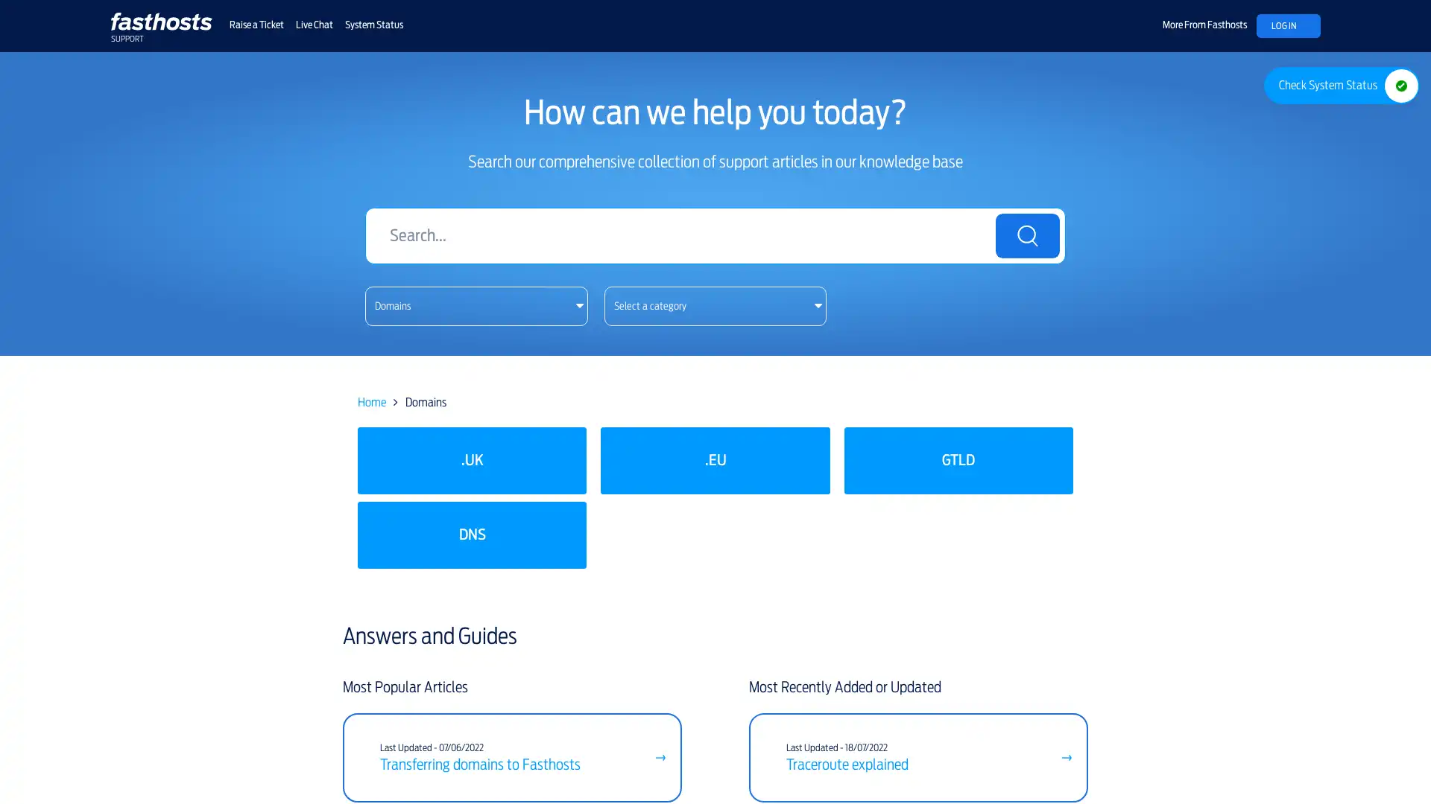  Describe the element at coordinates (714, 304) in the screenshot. I see `This button does not work with screen readers. Please use the previous link instead. Select a category` at that location.